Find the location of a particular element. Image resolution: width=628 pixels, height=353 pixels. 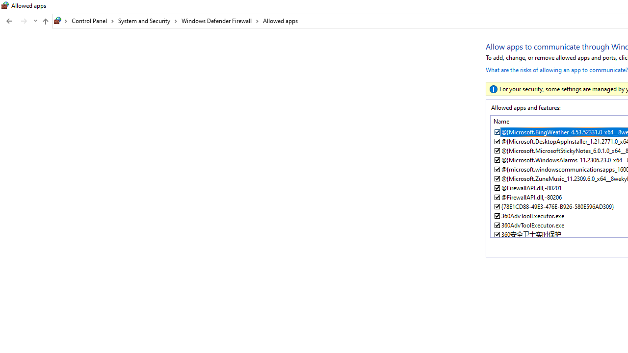

'Windows Defender Firewall' is located at coordinates (220, 21).